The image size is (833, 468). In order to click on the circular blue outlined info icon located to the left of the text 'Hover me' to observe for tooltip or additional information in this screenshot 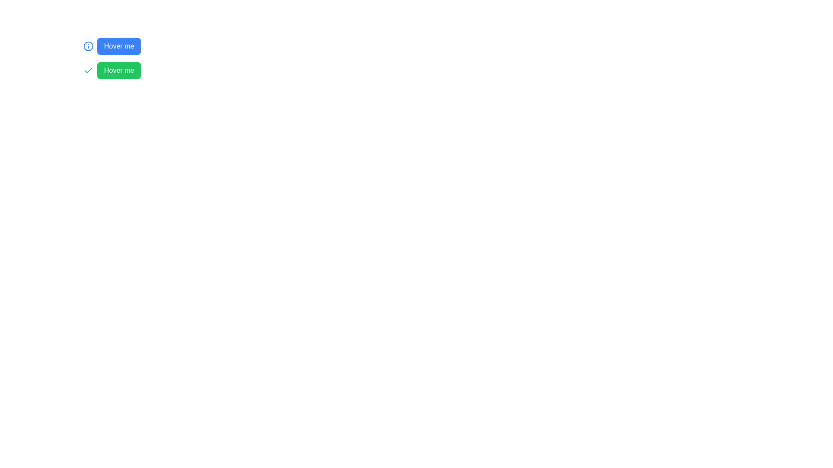, I will do `click(88, 46)`.